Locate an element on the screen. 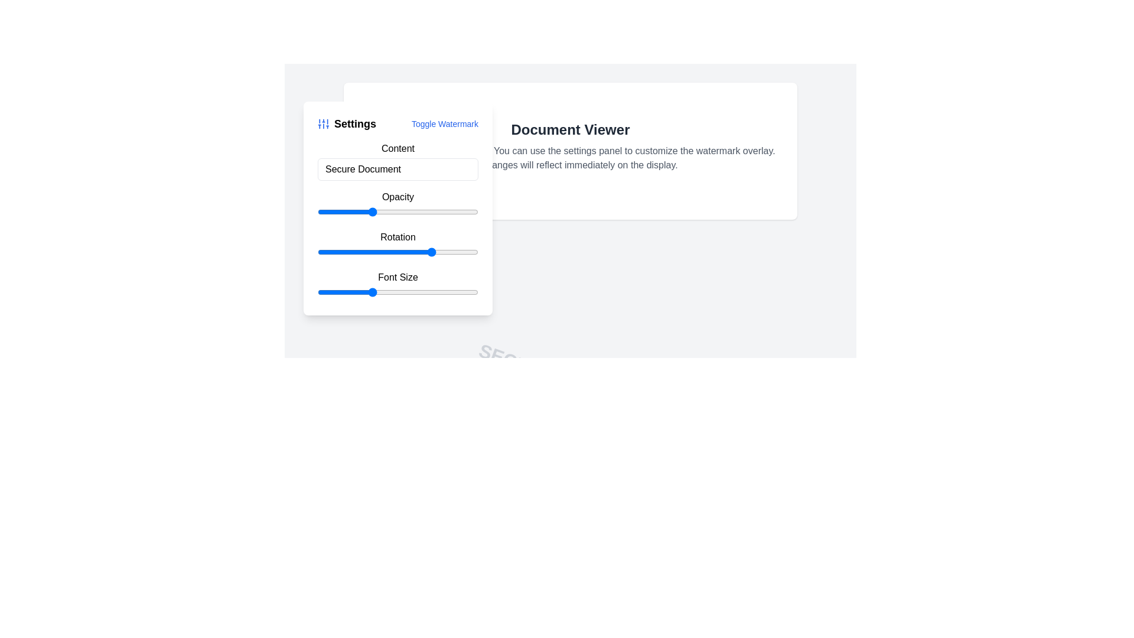  the label 'Font Size' is located at coordinates (397, 278).